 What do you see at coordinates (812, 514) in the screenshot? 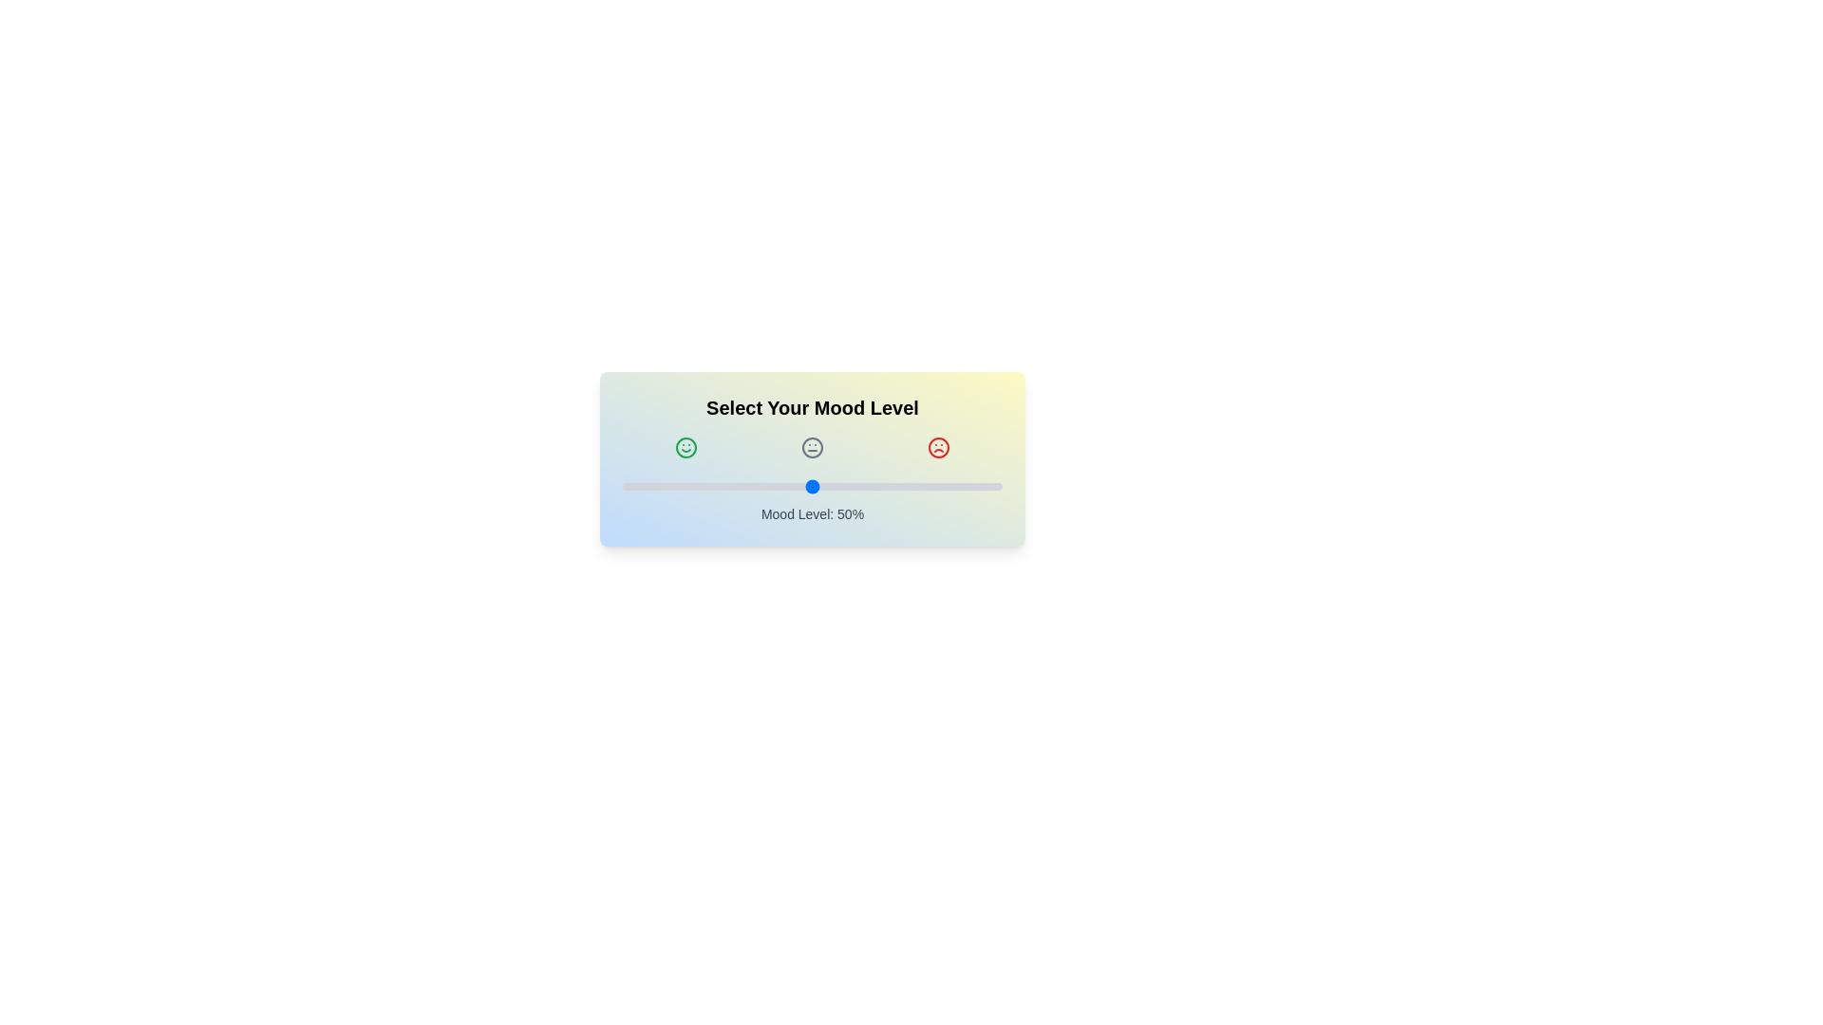
I see `text displayed as 'Mood Level: 50%' which is located at the bottom of the card interface, beneath a horizontal slider` at bounding box center [812, 514].